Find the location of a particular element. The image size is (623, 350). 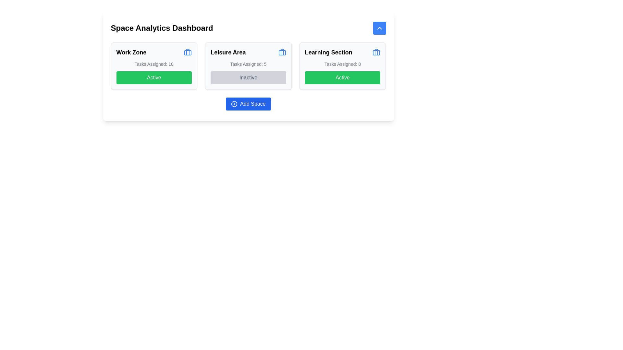

the icon associated with the 'Work Zone' label located at the top left corner of the dashboard card is located at coordinates (153, 52).